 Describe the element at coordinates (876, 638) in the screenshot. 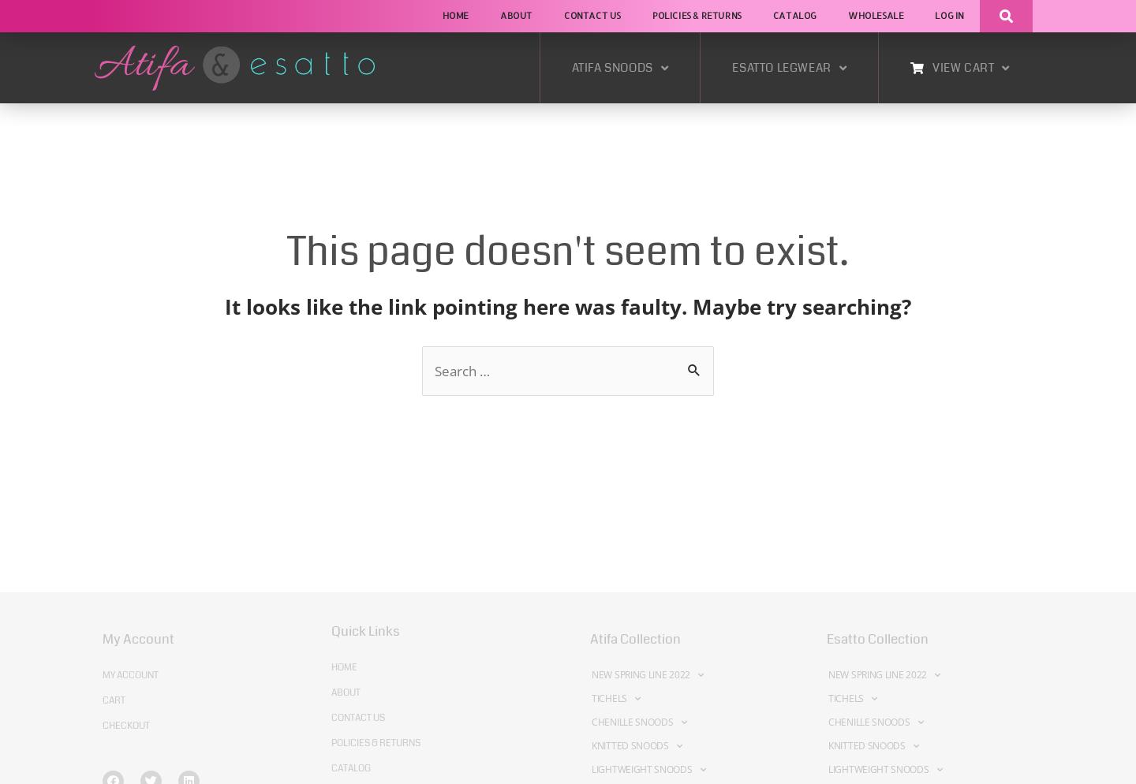

I see `'Esatto Collection'` at that location.